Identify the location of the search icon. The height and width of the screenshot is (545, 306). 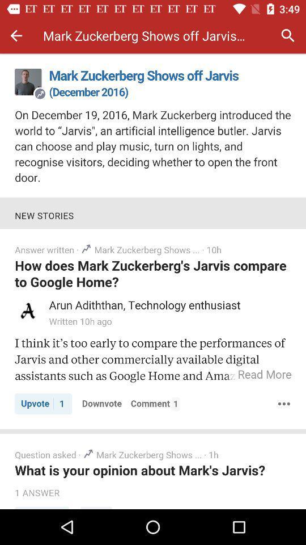
(288, 35).